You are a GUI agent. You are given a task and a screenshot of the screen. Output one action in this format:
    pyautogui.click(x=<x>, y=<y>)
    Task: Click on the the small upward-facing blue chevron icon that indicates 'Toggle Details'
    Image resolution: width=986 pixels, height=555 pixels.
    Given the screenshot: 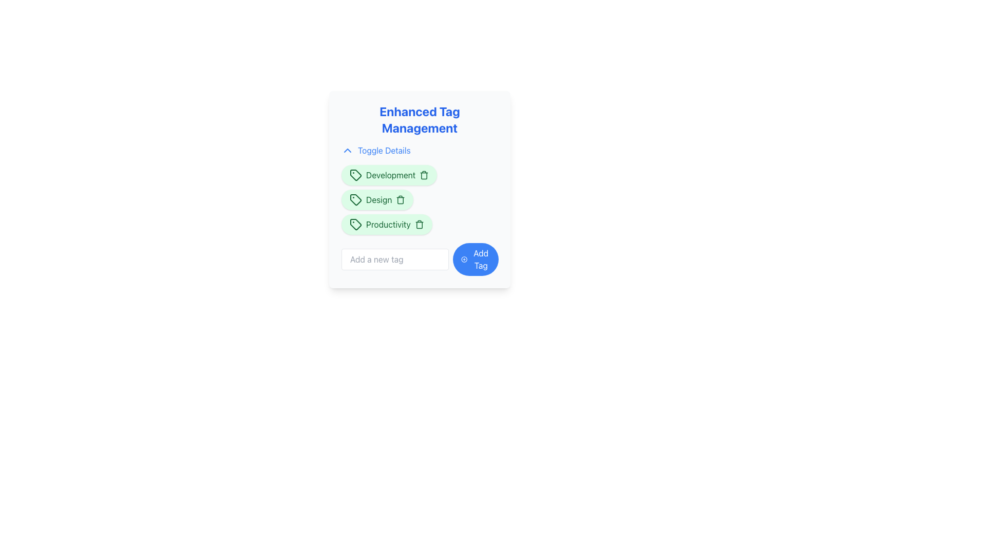 What is the action you would take?
    pyautogui.click(x=347, y=151)
    